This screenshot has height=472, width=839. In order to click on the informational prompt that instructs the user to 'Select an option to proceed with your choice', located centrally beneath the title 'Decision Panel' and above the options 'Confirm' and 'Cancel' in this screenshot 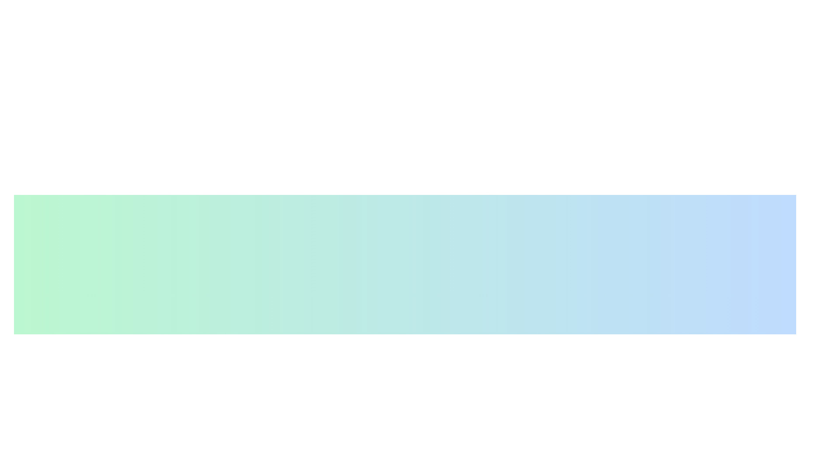, I will do `click(404, 438)`.